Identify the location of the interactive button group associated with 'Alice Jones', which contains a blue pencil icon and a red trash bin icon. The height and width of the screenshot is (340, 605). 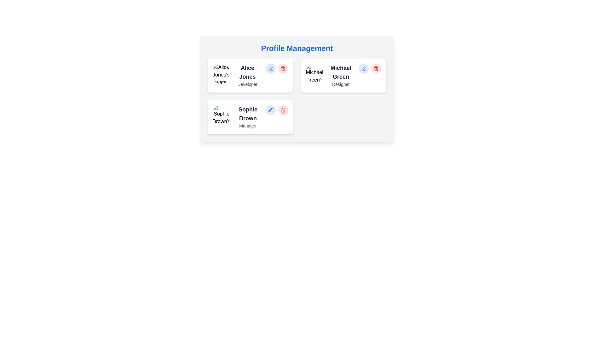
(277, 69).